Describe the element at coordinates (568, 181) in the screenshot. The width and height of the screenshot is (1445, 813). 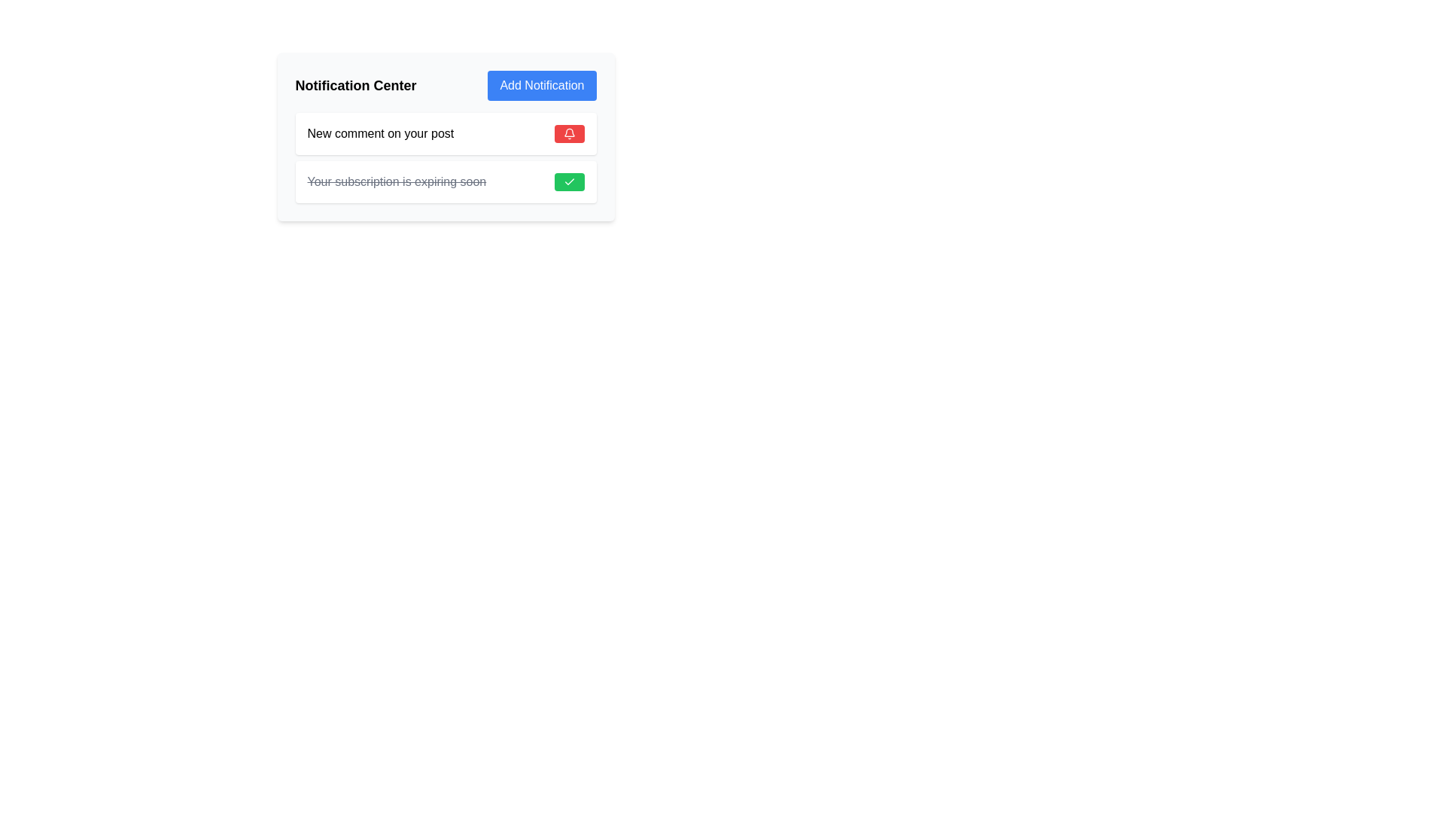
I see `the SVG-based checkmark icon located in the bottom notification line within a green button, adjacent to the strikethrough text 'Your subscription is expiring soon', to acknowledge the notification` at that location.